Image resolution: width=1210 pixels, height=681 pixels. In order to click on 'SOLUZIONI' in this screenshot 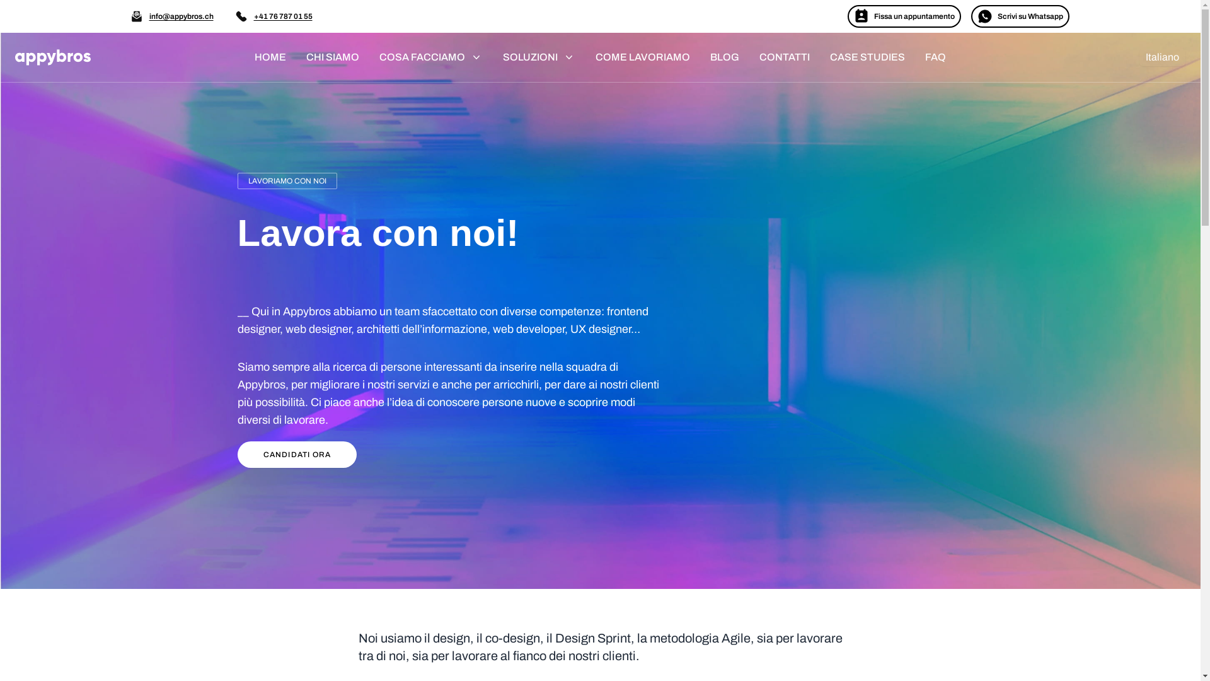, I will do `click(539, 57)`.